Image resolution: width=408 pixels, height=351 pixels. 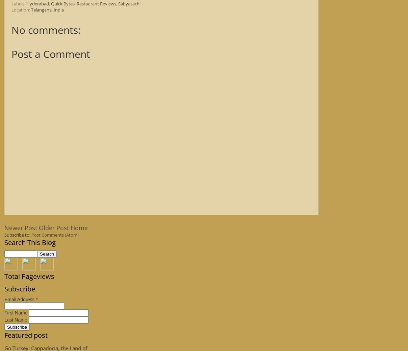 I want to click on 'Labels:', so click(x=19, y=3).